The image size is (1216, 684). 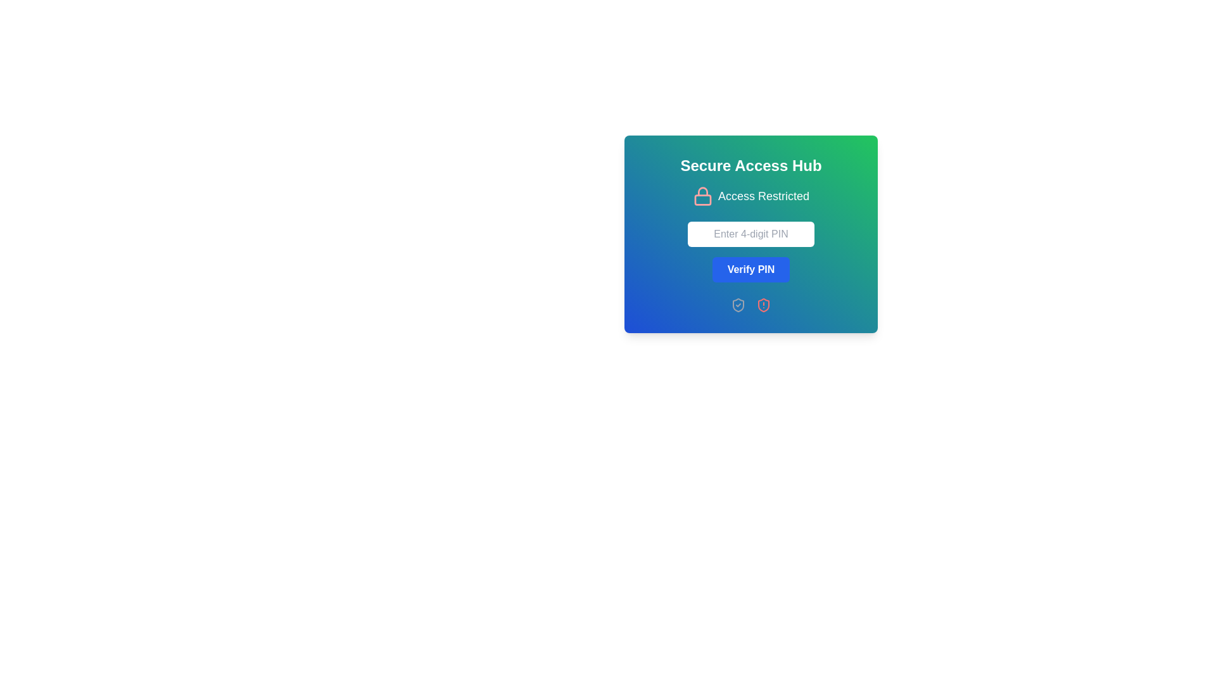 I want to click on the 'Access Restricted' text label, which is styled with white text on a gradient background and is located next to a lock icon in a secure access section, so click(x=763, y=196).